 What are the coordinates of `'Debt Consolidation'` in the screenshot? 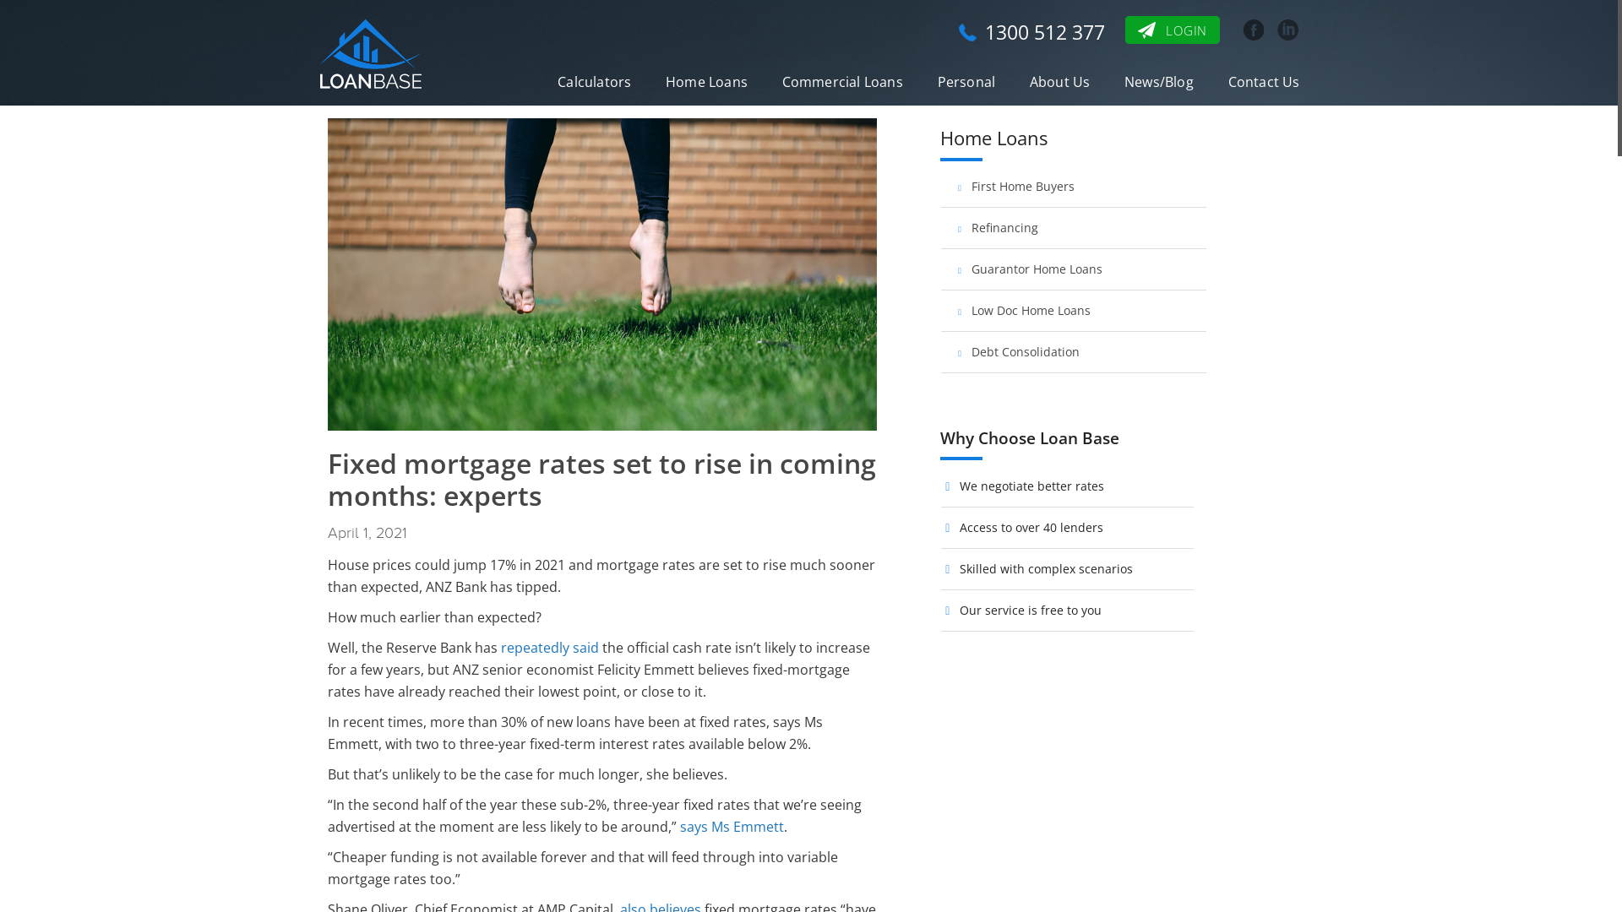 It's located at (1072, 351).